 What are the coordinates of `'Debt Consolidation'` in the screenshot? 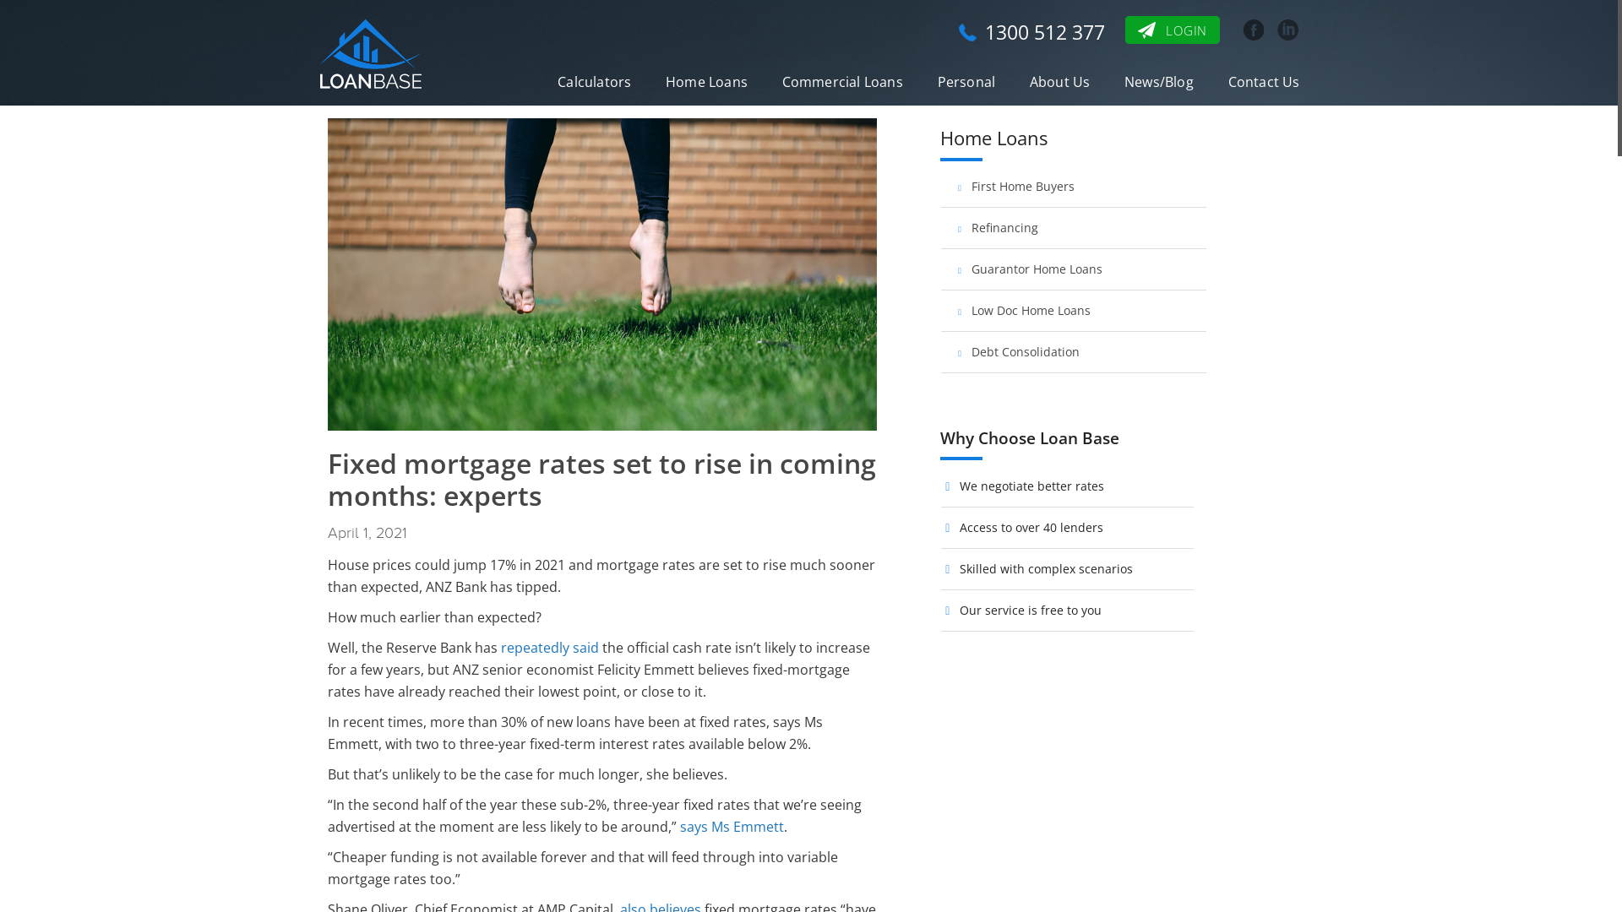 It's located at (1072, 351).